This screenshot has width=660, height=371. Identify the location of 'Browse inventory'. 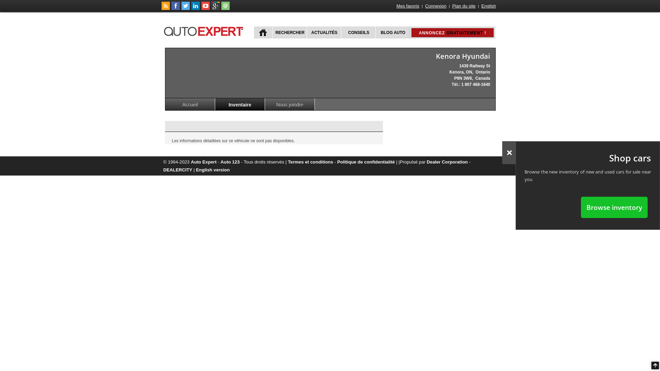
(614, 207).